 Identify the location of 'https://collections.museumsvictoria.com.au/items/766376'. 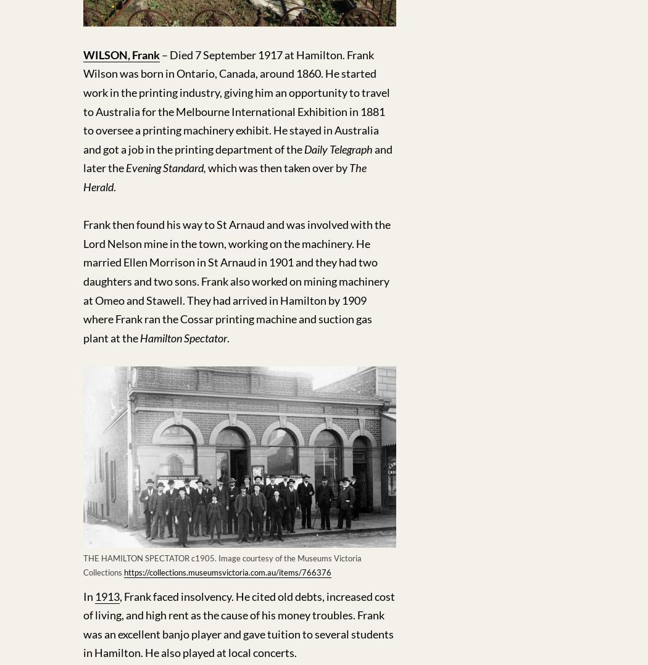
(226, 571).